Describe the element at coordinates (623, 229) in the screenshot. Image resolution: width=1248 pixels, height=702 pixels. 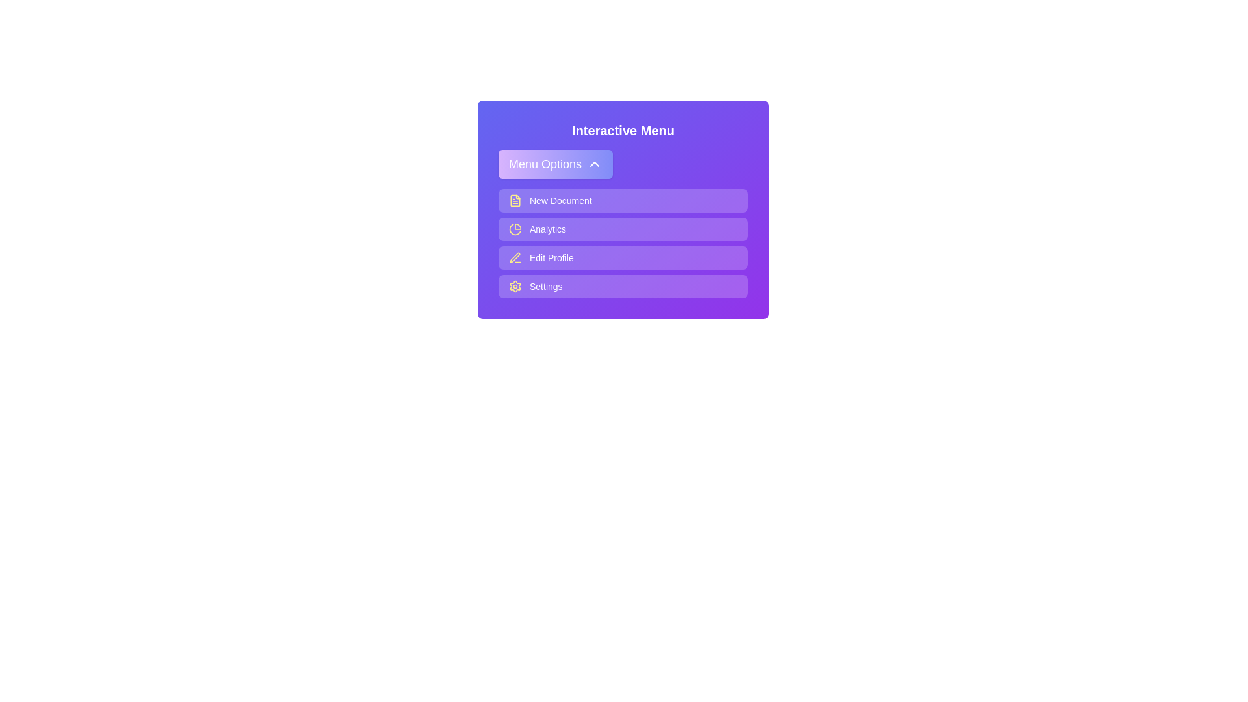
I see `the navigation button that directs to the Analytics section, located below the 'New Document' button and above the 'Edit Profile' button in the Menu Options` at that location.